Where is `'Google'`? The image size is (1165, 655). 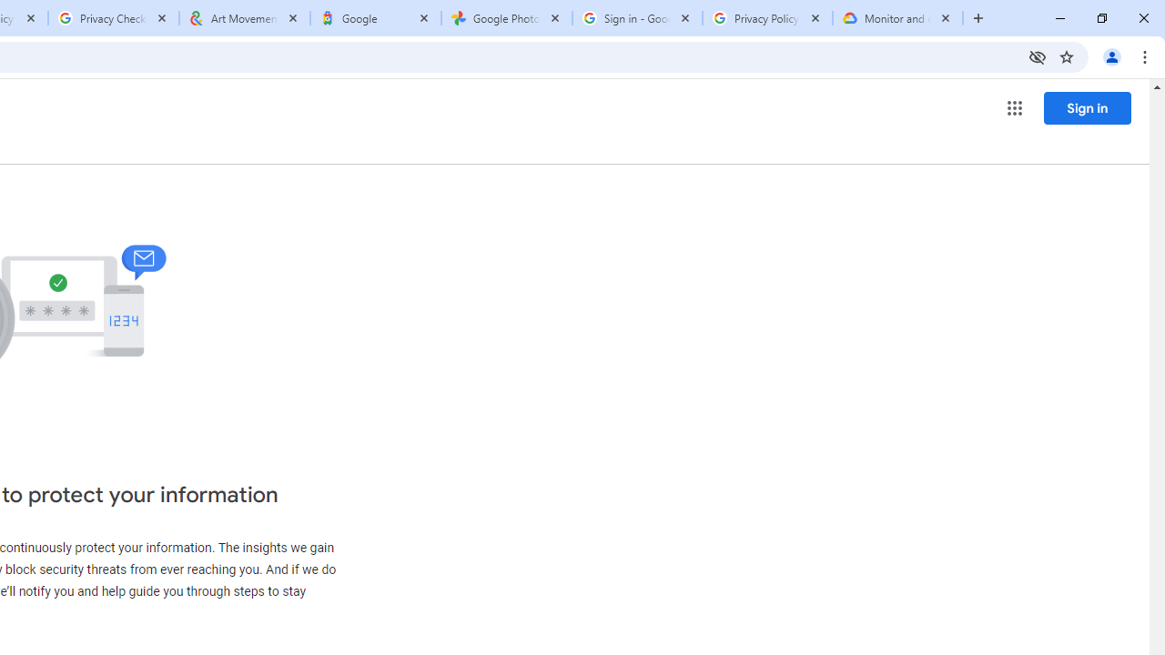 'Google' is located at coordinates (374, 18).